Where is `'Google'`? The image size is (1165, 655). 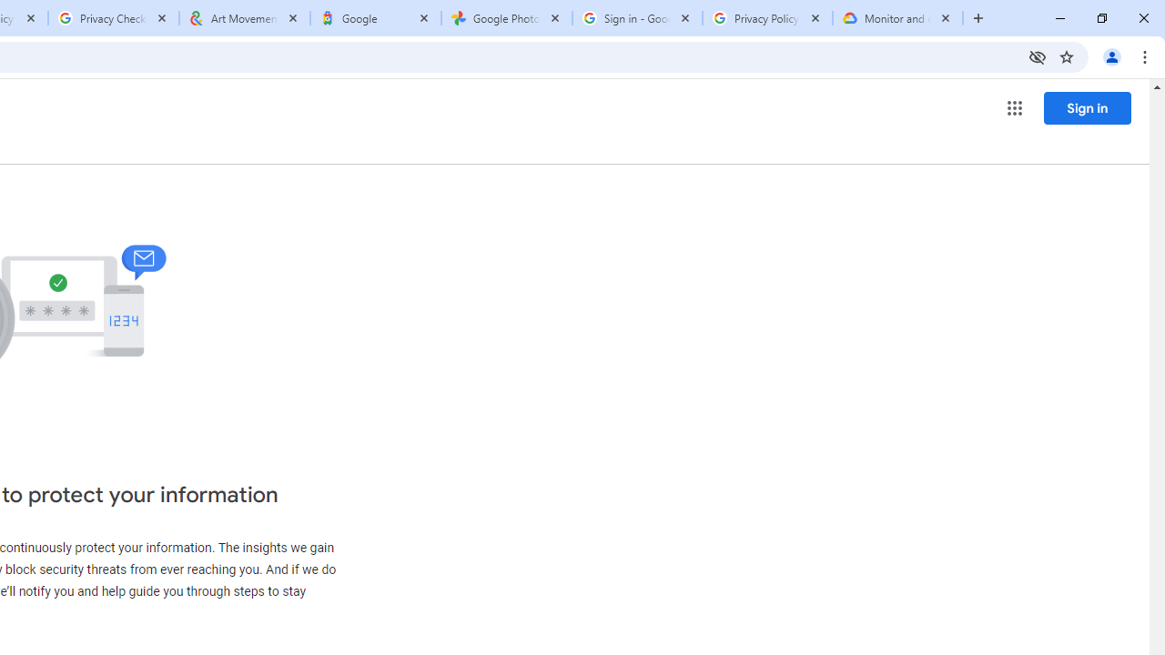 'Google' is located at coordinates (374, 18).